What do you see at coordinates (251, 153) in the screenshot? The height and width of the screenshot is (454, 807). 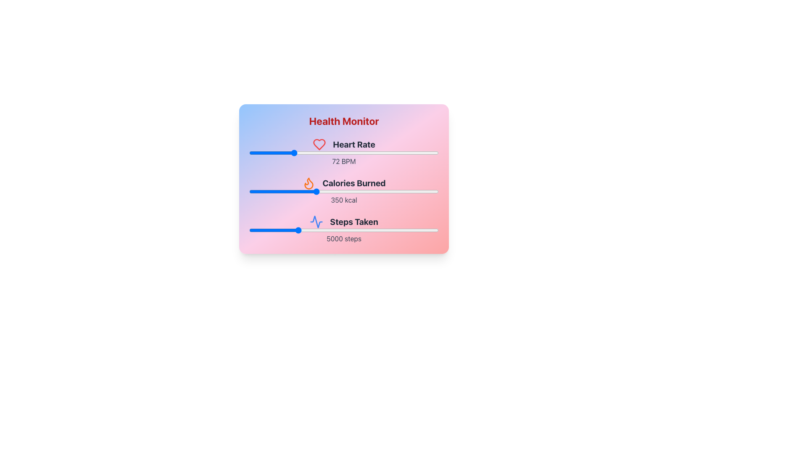 I see `heart rate` at bounding box center [251, 153].